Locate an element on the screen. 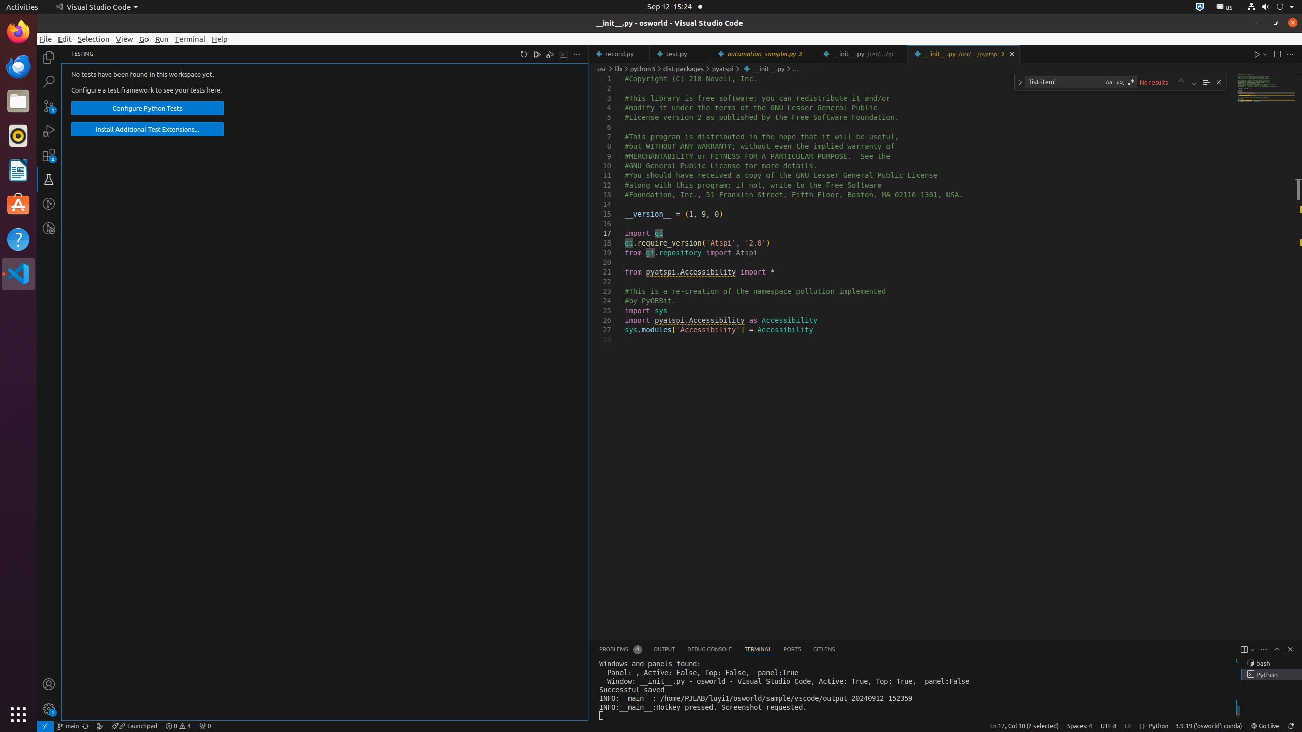 This screenshot has height=732, width=1302. 'GitLens' is located at coordinates (823, 649).